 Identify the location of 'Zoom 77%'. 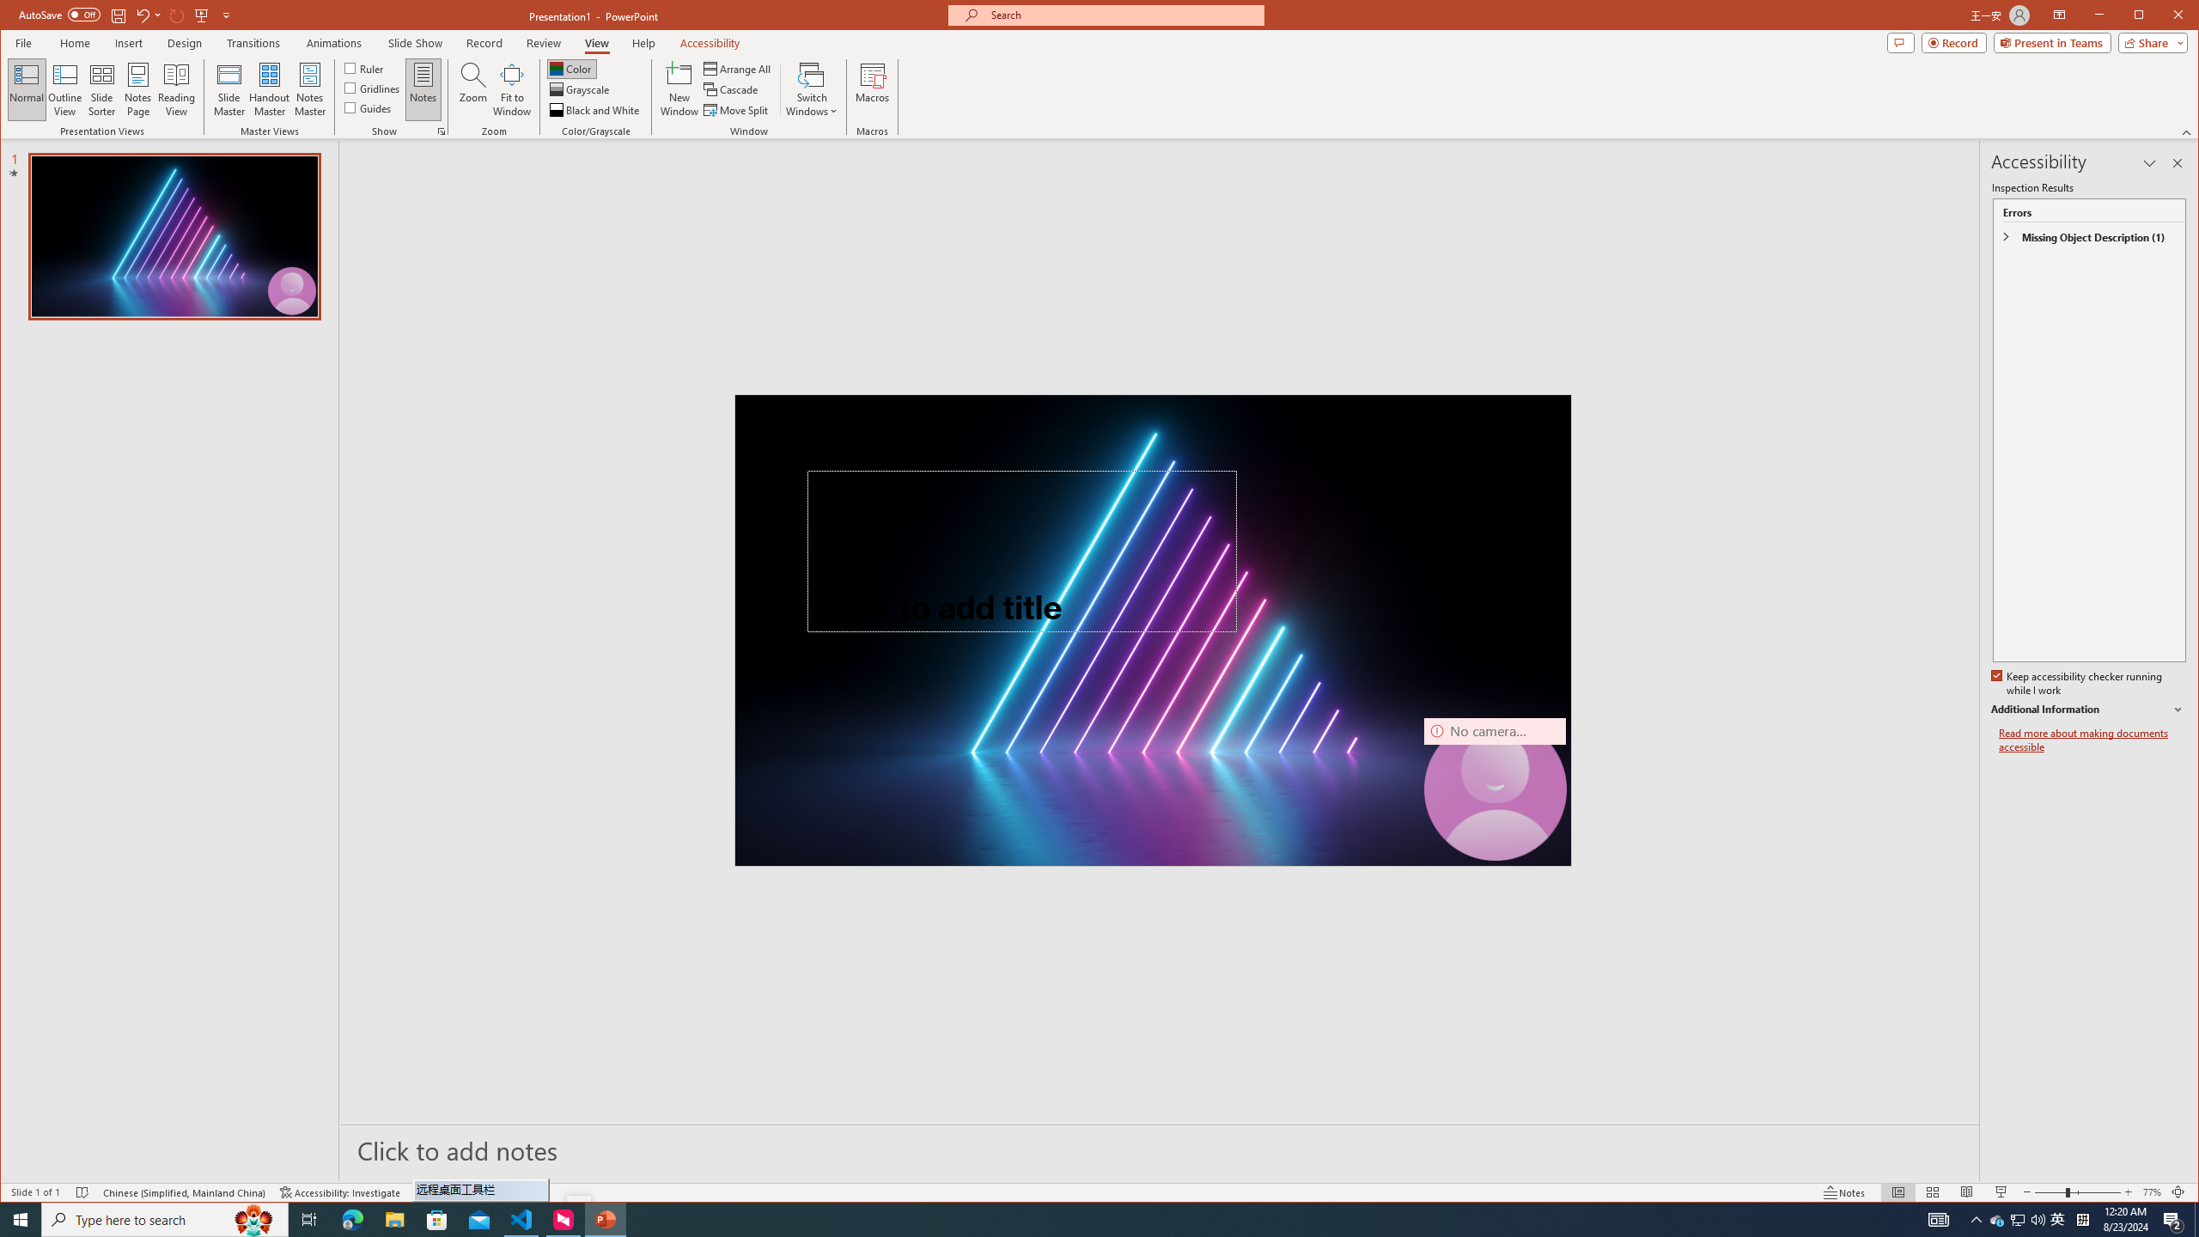
(2150, 1191).